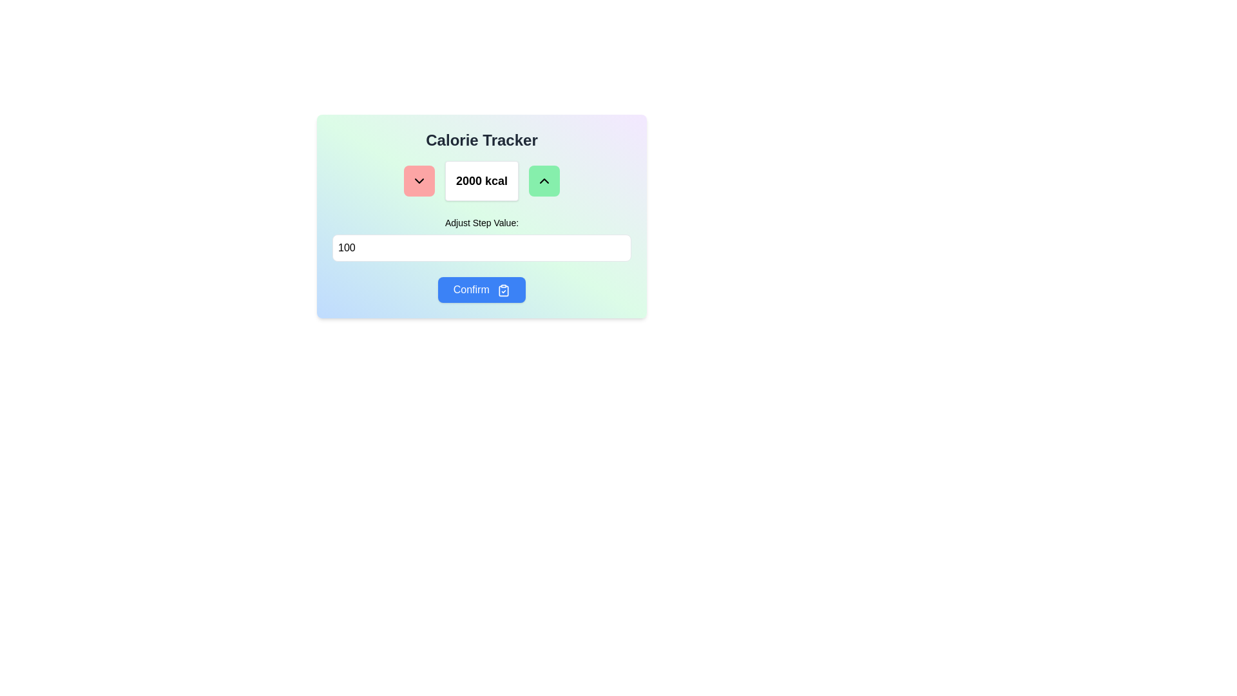  Describe the element at coordinates (481, 140) in the screenshot. I see `the text label that serves as the title or heading at the top of the interface, indicating the purpose of the elements below it` at that location.